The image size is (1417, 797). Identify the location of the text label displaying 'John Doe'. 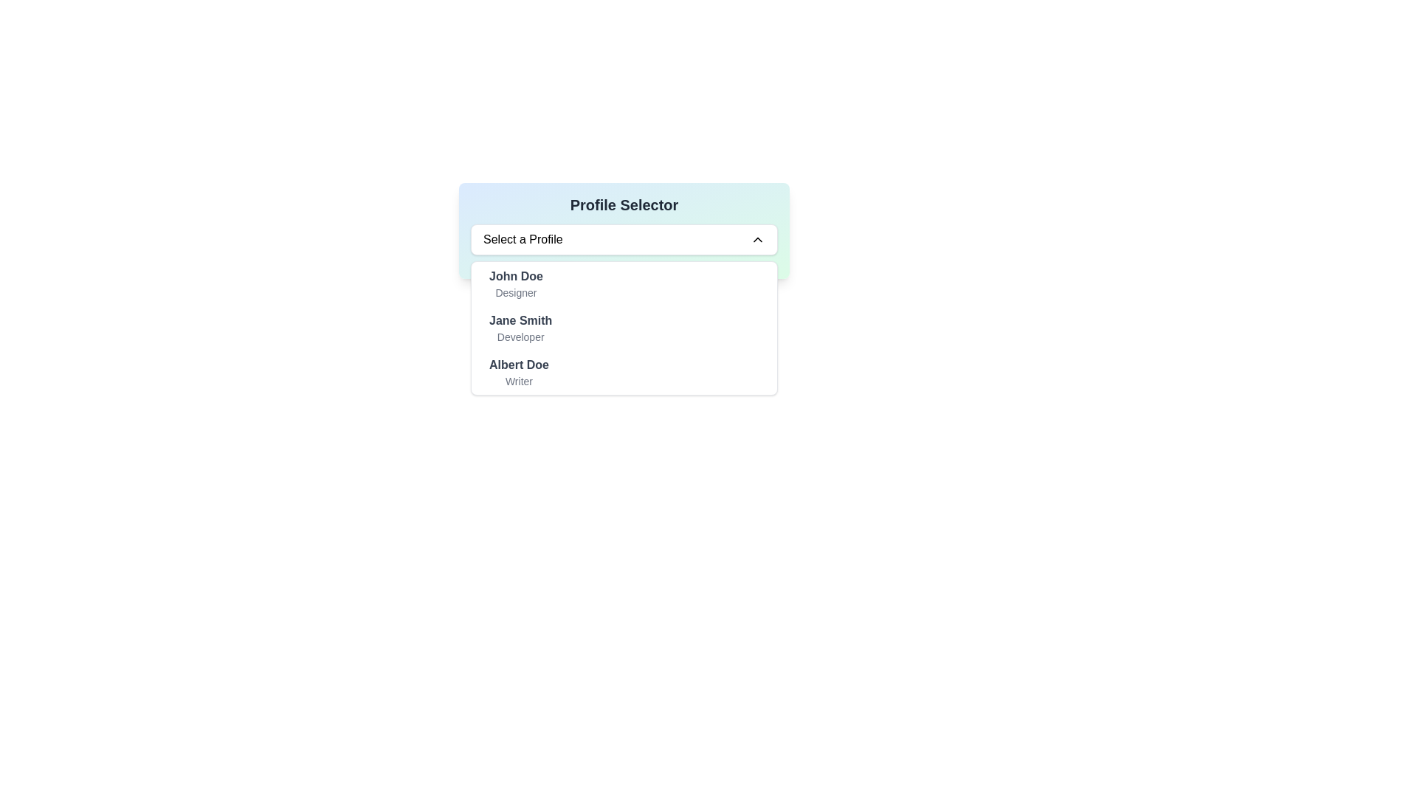
(516, 276).